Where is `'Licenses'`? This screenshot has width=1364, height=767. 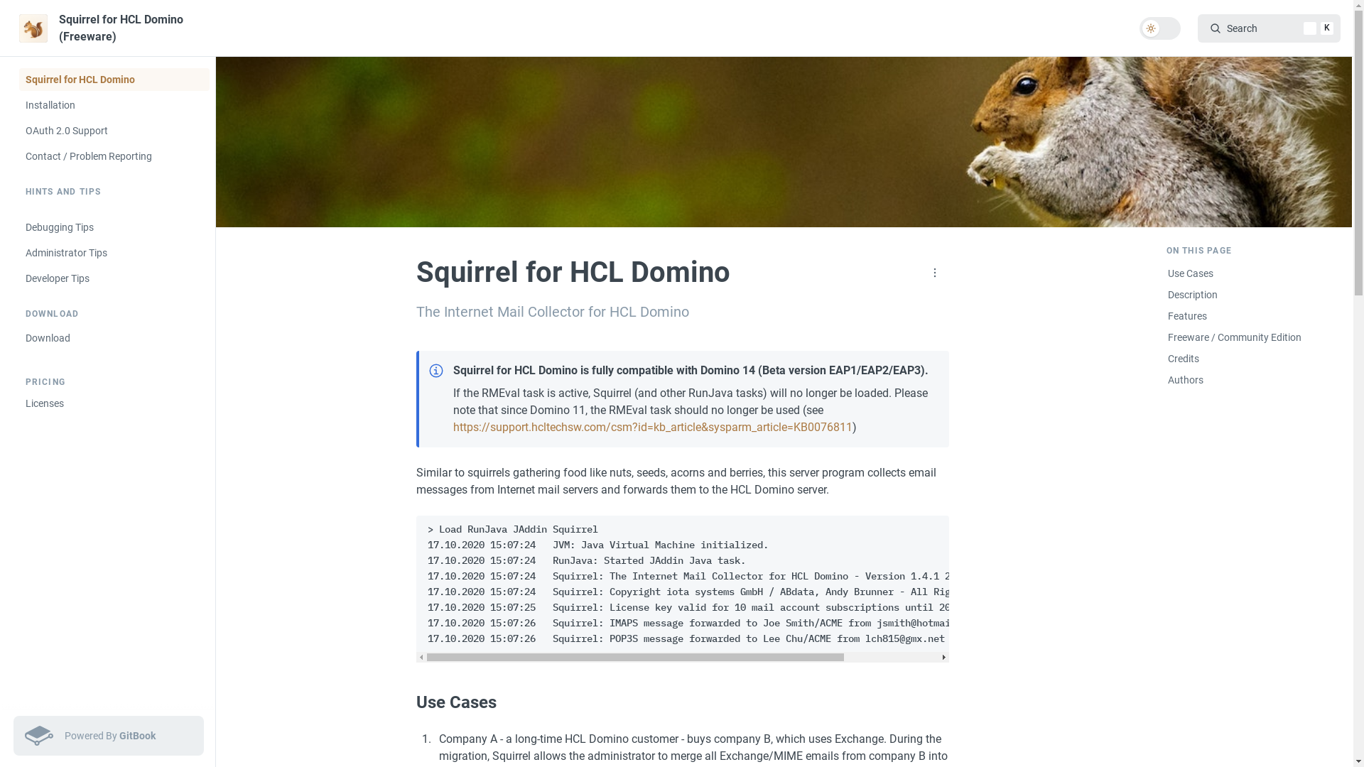
'Licenses' is located at coordinates (112, 403).